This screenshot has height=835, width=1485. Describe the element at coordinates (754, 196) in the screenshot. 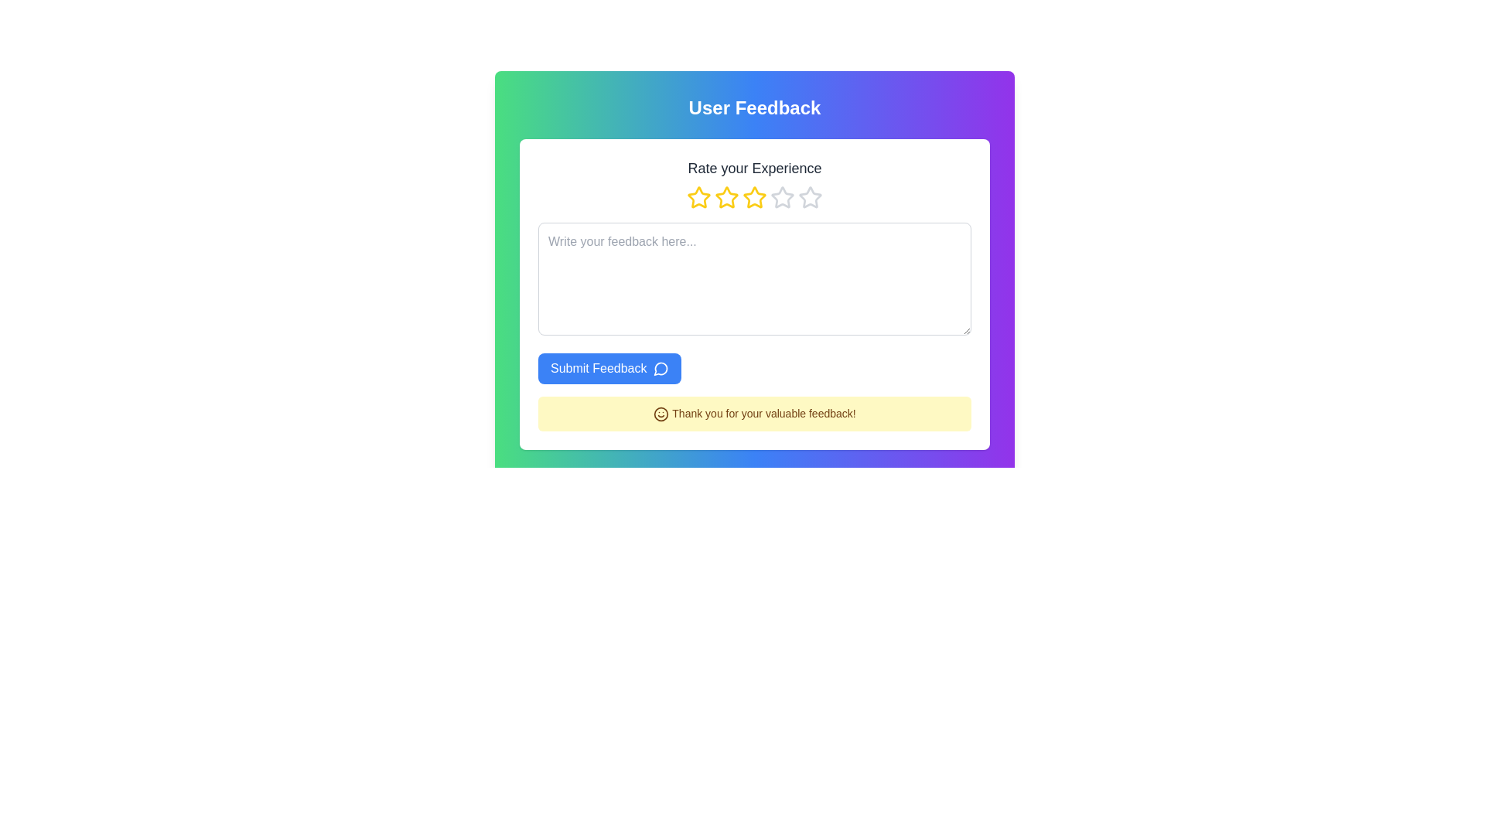

I see `the highlighted central rating star in the 'Rate your Experience' section` at that location.